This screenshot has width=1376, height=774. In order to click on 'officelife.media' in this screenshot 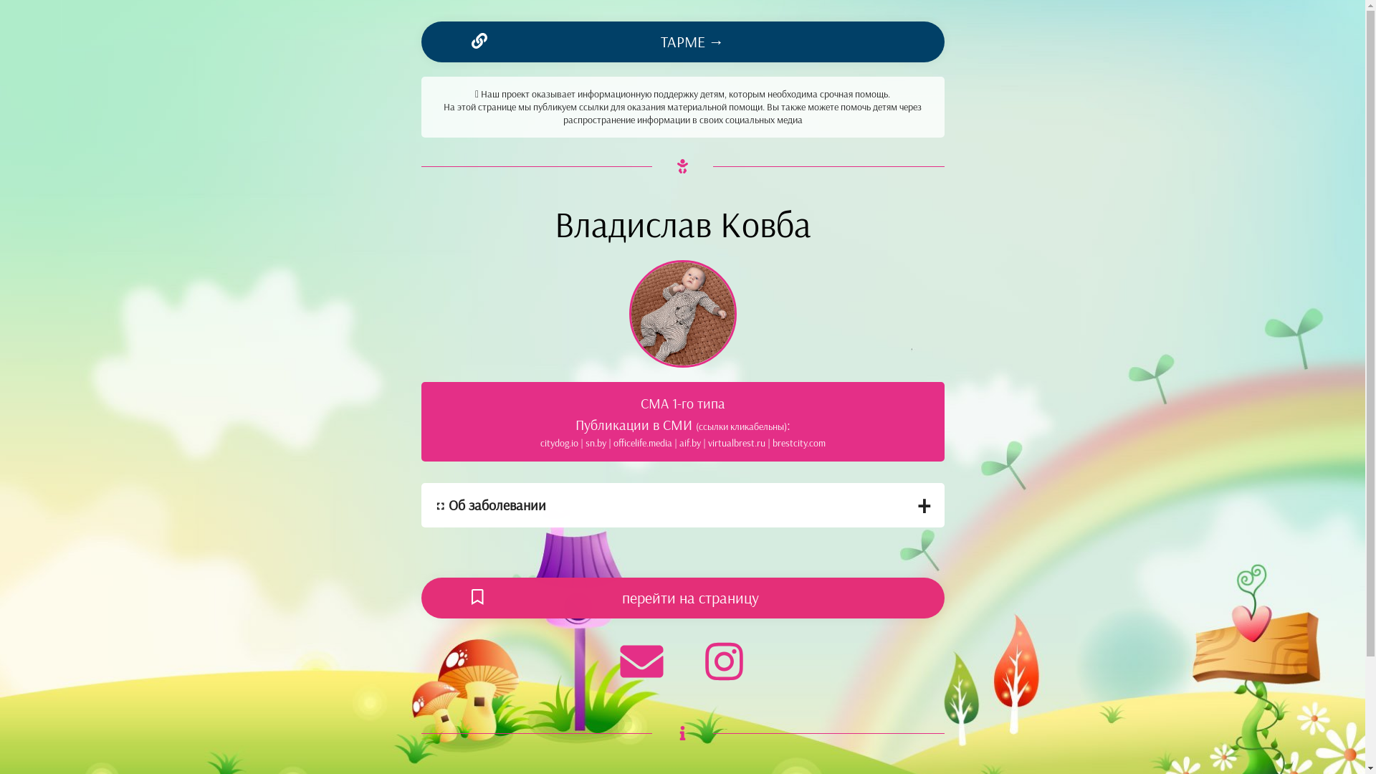, I will do `click(642, 441)`.